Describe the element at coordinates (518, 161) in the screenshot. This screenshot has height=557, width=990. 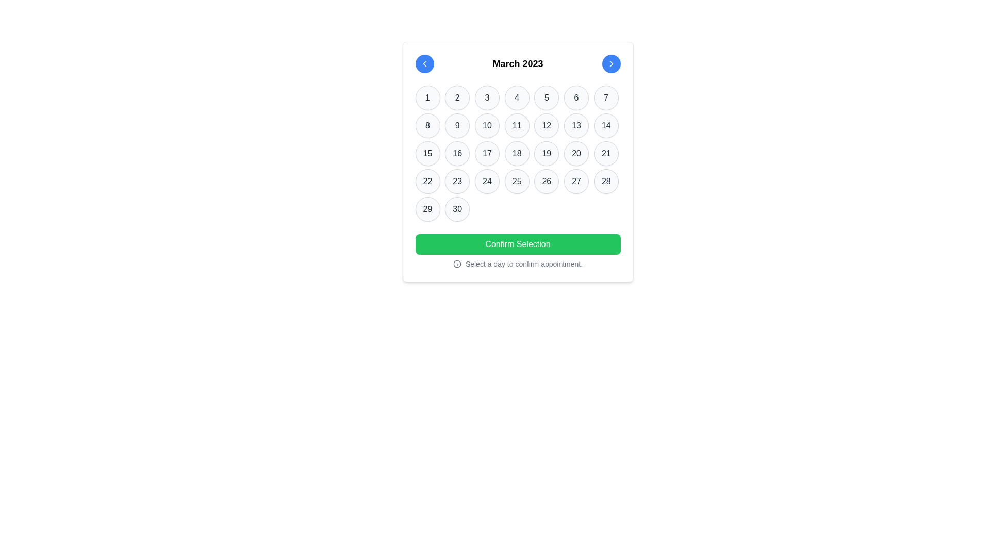
I see `instructions from the central calendar element that allows date selection for appointment setting` at that location.